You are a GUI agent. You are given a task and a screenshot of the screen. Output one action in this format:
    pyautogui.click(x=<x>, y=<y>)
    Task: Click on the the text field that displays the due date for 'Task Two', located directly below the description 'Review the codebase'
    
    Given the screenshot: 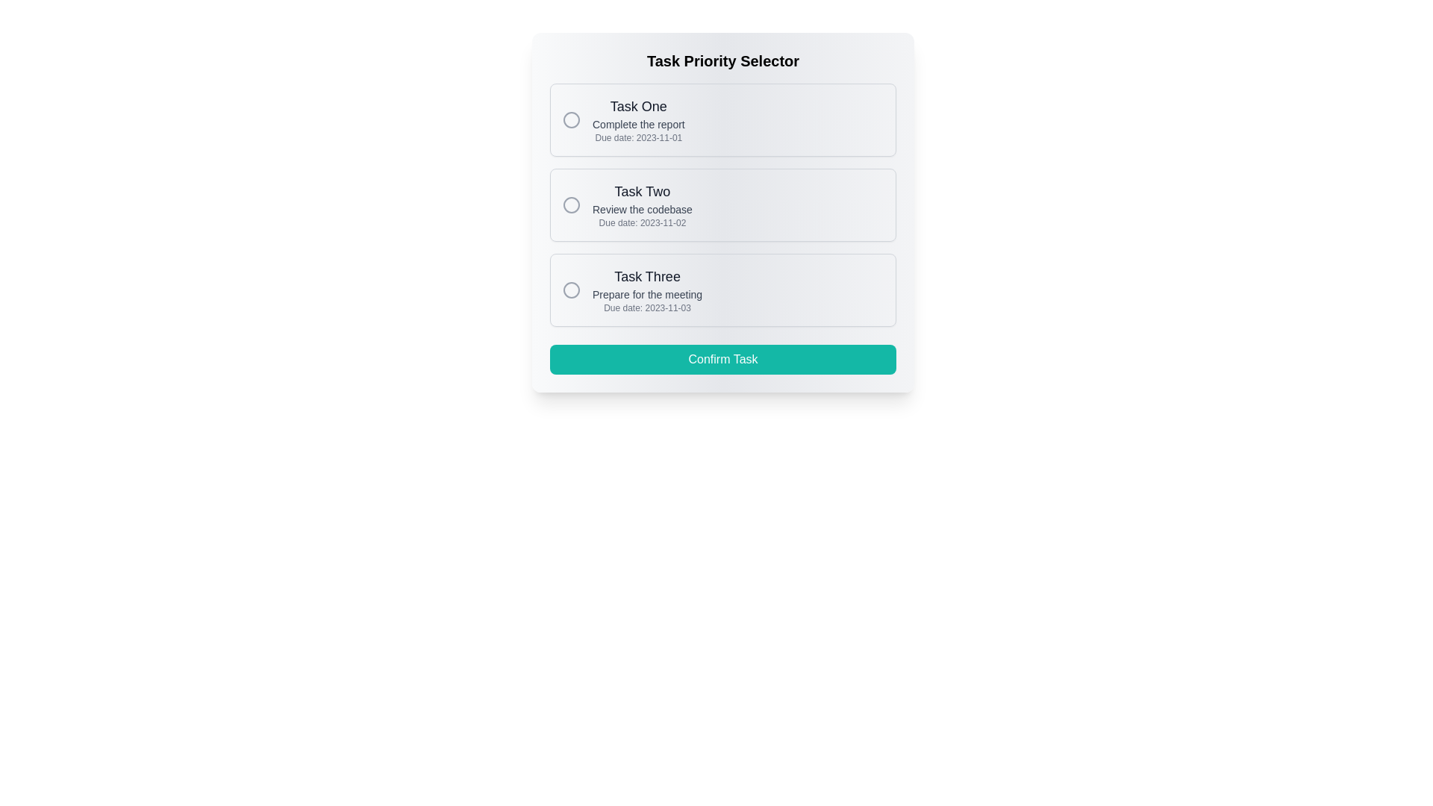 What is the action you would take?
    pyautogui.click(x=642, y=223)
    